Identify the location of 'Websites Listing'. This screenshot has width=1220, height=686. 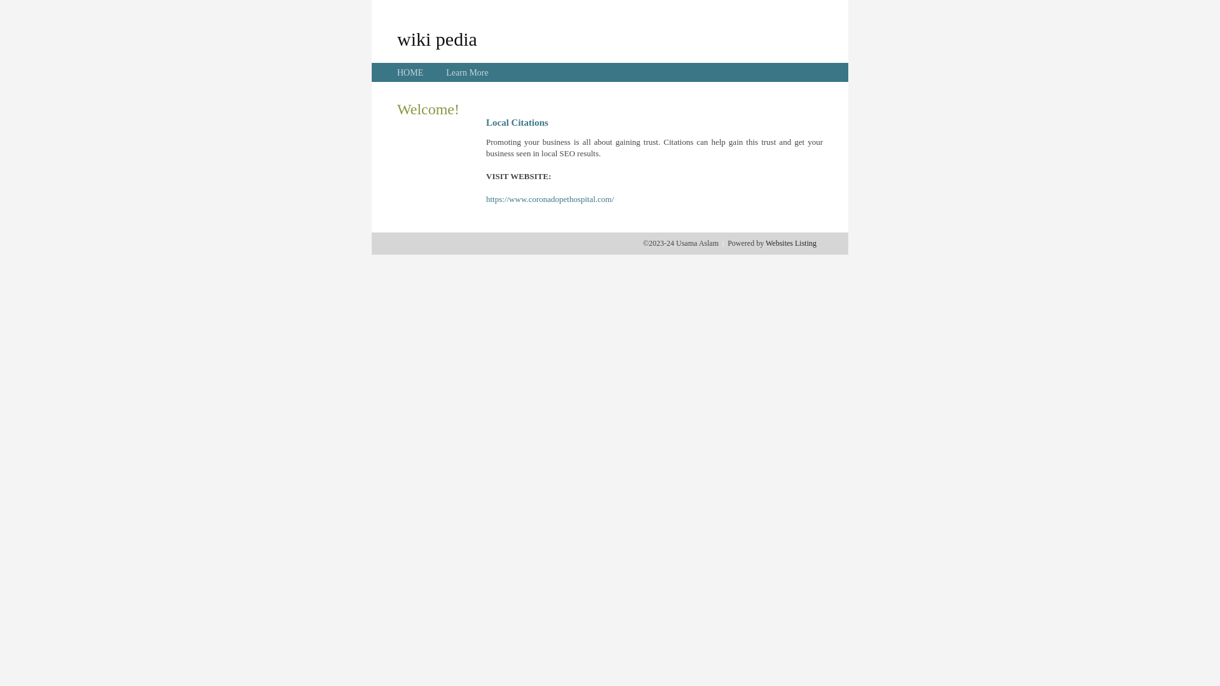
(790, 243).